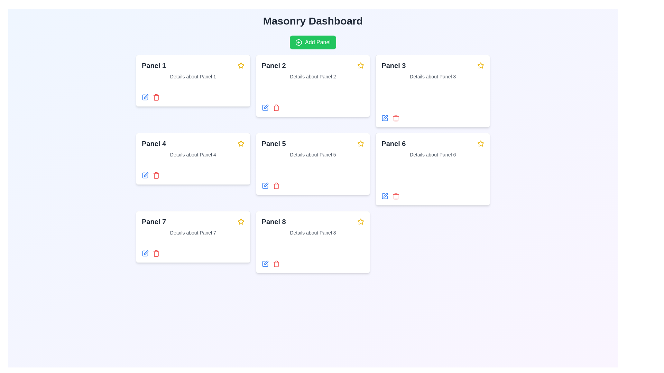 Image resolution: width=664 pixels, height=373 pixels. What do you see at coordinates (154, 221) in the screenshot?
I see `text from the heading label located in the upper-left section of the card labeled 'Panel 7', which is positioned at the bottom left of the second row in the grid layout` at bounding box center [154, 221].